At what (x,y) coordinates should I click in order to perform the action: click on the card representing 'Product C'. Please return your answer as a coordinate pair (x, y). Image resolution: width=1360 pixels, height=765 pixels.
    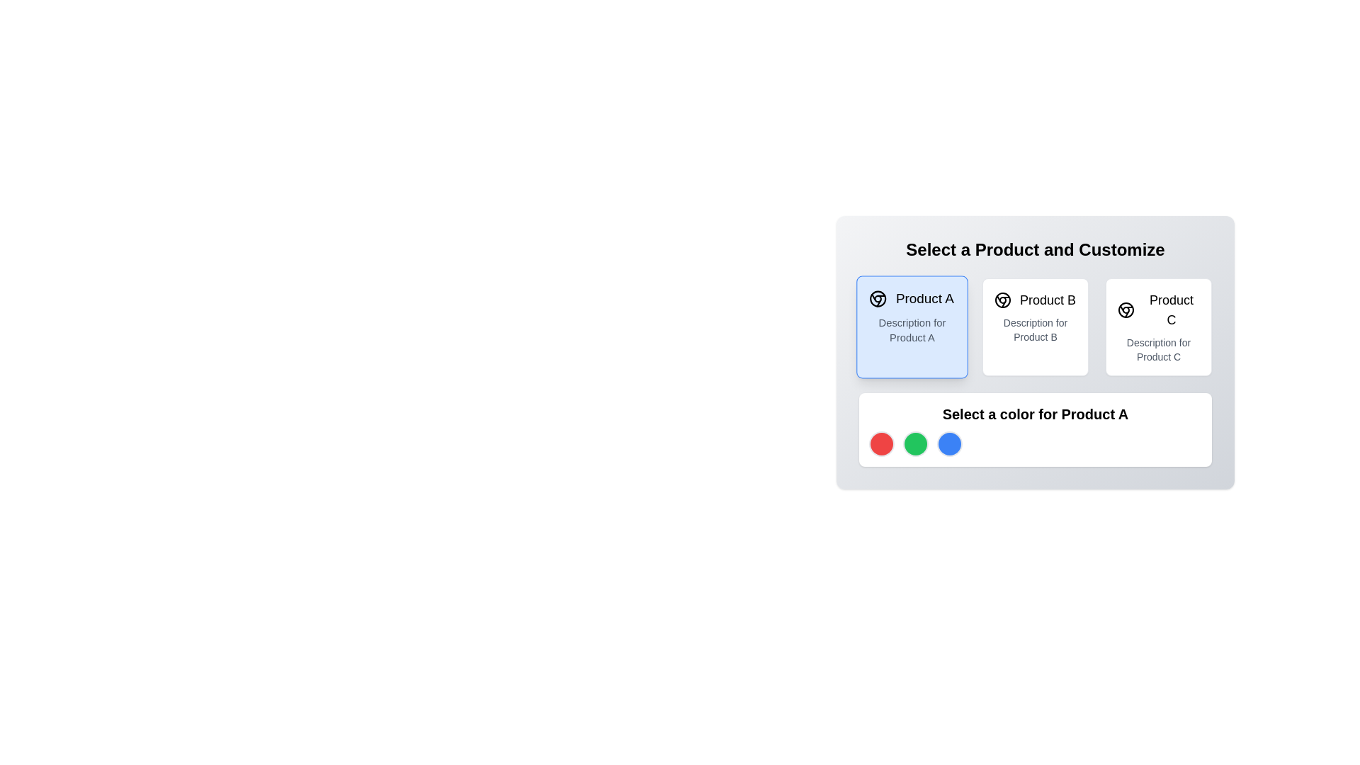
    Looking at the image, I should click on (1159, 327).